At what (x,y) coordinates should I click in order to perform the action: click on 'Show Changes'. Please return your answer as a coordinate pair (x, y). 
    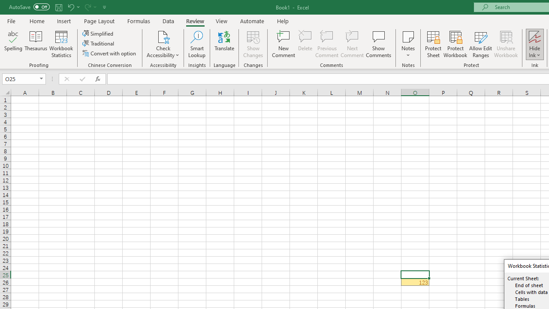
    Looking at the image, I should click on (253, 44).